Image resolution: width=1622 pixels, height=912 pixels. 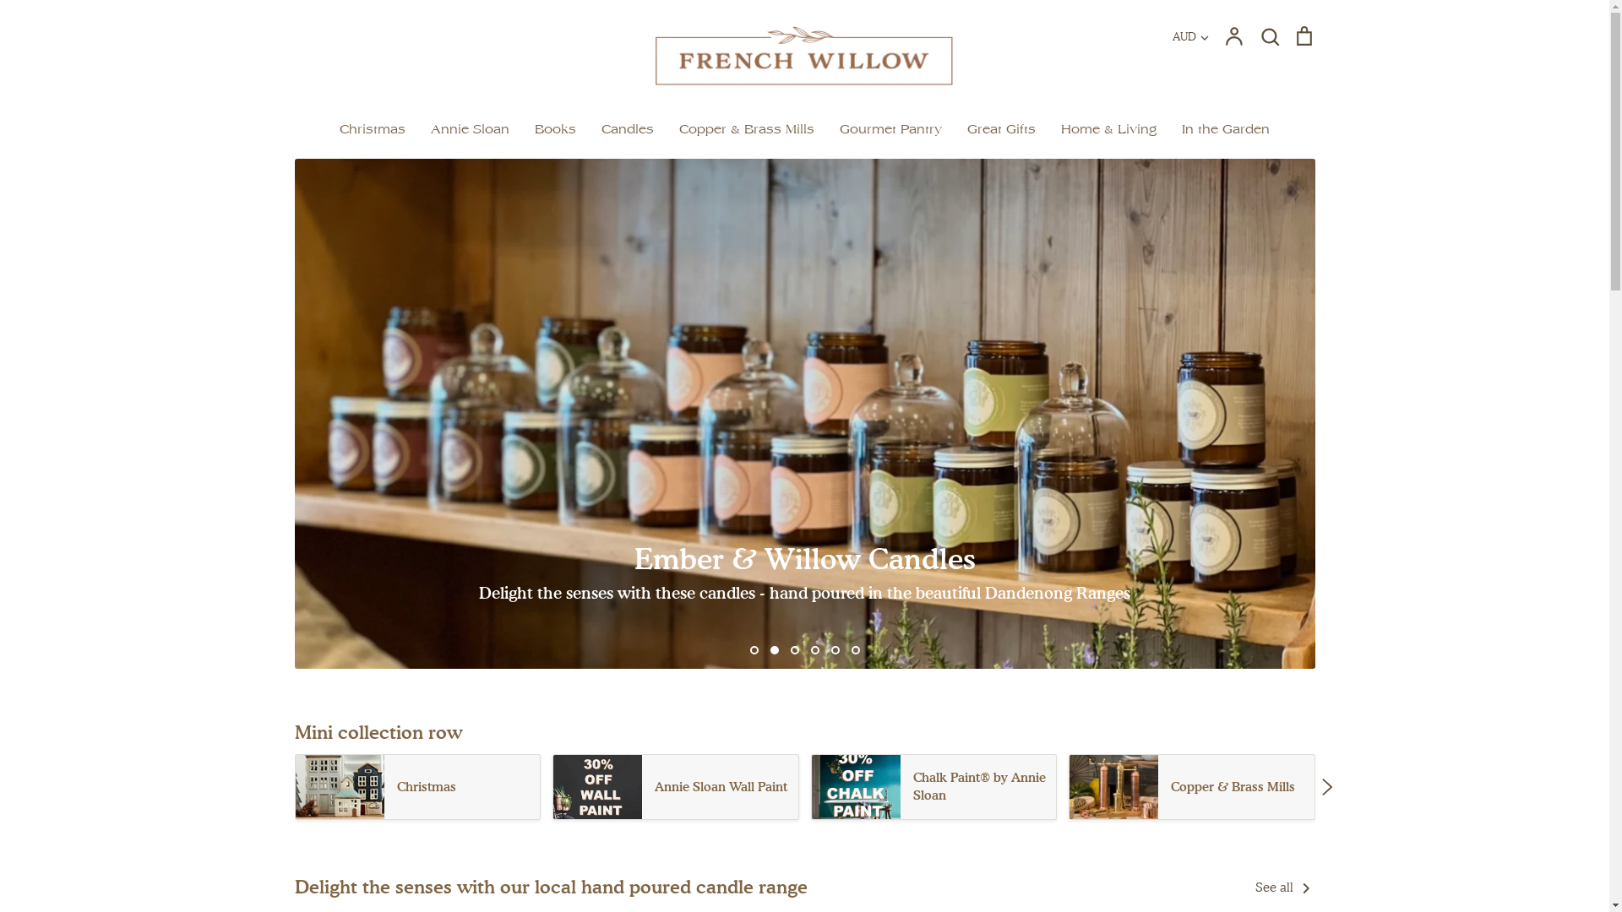 What do you see at coordinates (1269, 35) in the screenshot?
I see `'Search'` at bounding box center [1269, 35].